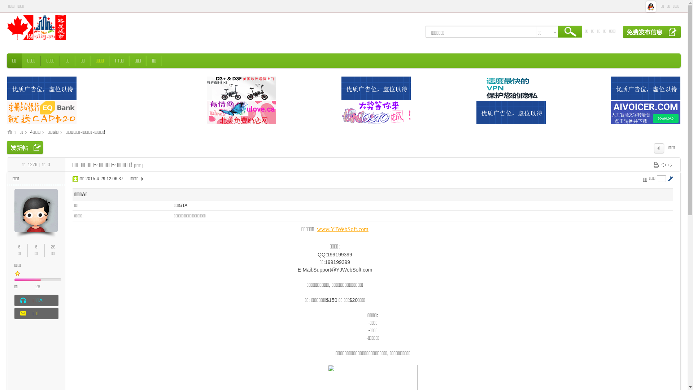  What do you see at coordinates (35, 286) in the screenshot?
I see `'28'` at bounding box center [35, 286].